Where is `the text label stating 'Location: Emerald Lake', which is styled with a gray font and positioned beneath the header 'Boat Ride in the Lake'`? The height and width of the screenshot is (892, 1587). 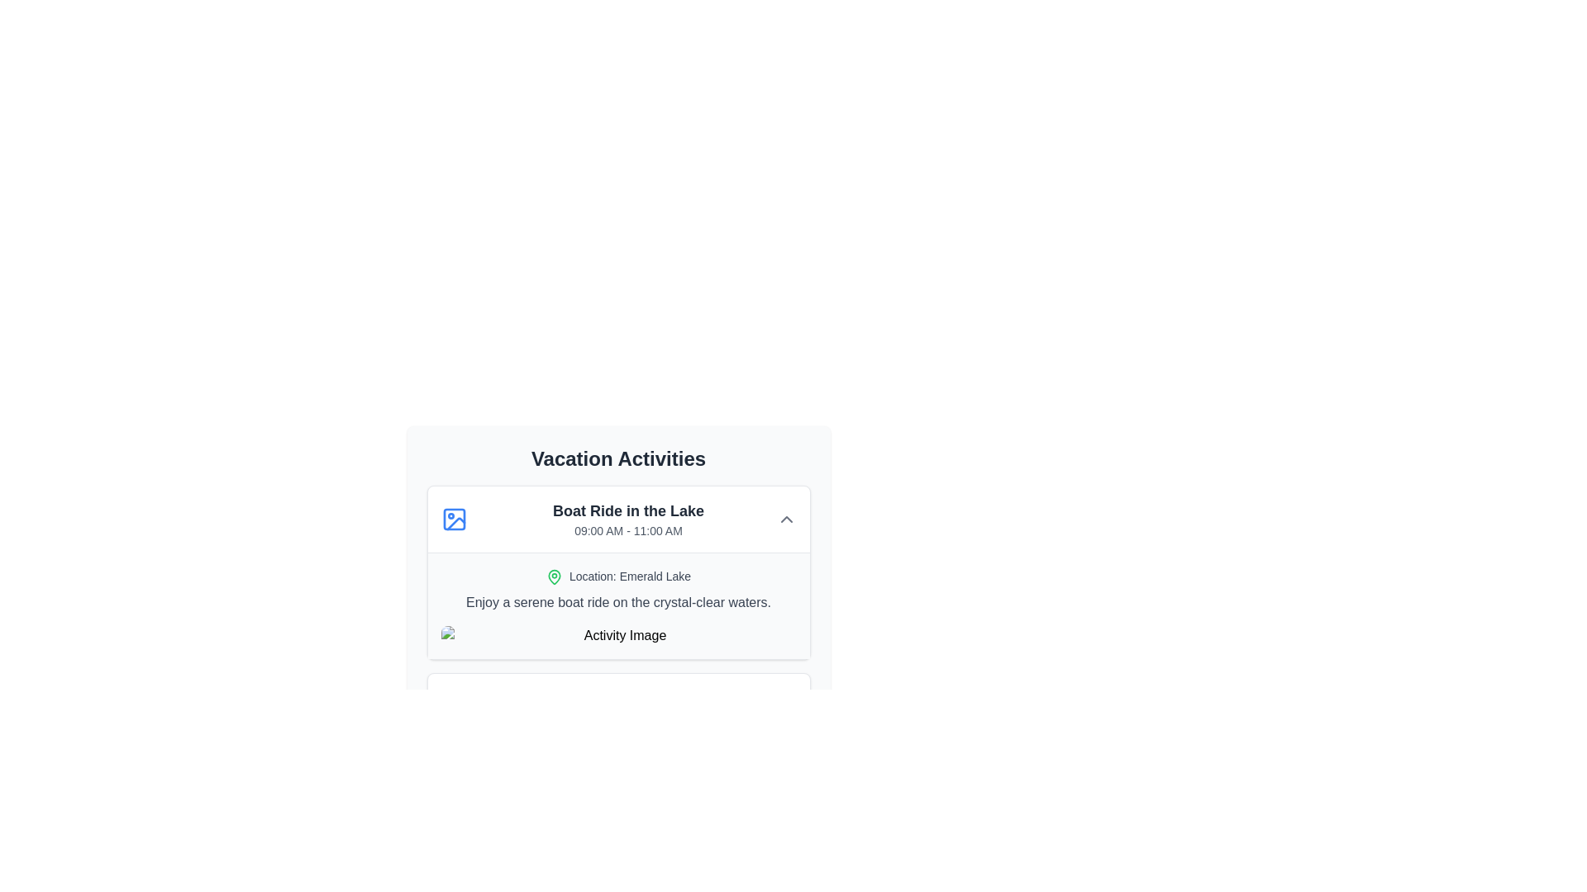
the text label stating 'Location: Emerald Lake', which is styled with a gray font and positioned beneath the header 'Boat Ride in the Lake' is located at coordinates (629, 576).